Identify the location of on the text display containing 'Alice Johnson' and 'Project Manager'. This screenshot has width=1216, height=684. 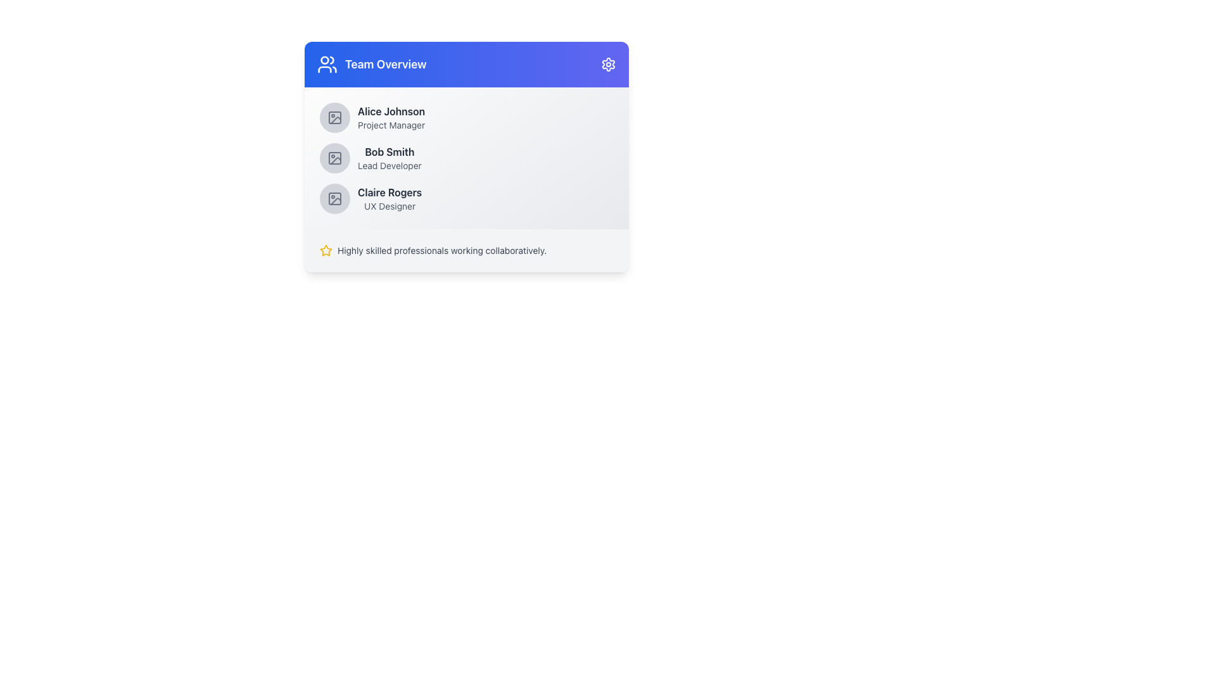
(391, 117).